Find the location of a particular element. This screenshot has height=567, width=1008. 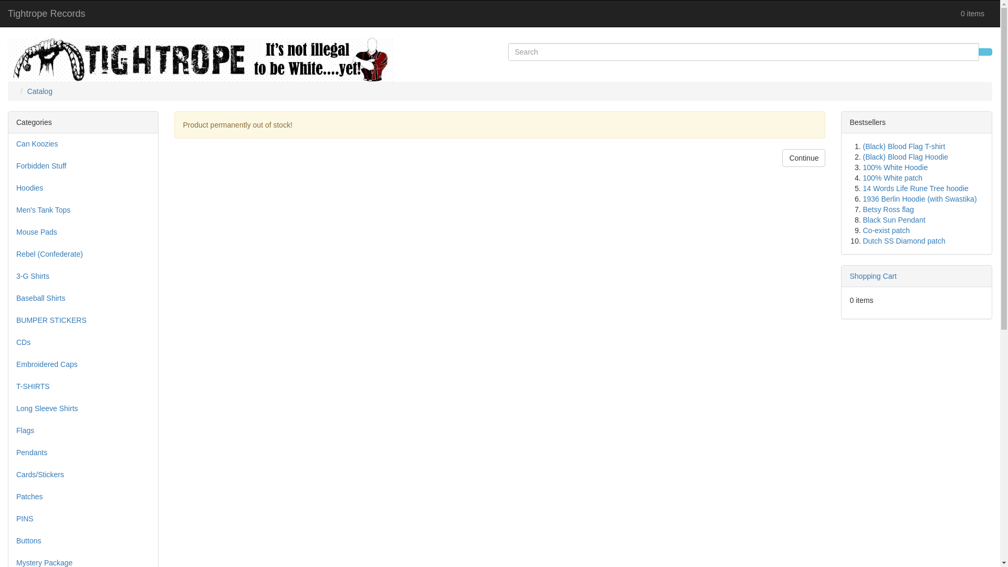

'Long Sleeve Shirts' is located at coordinates (82, 408).